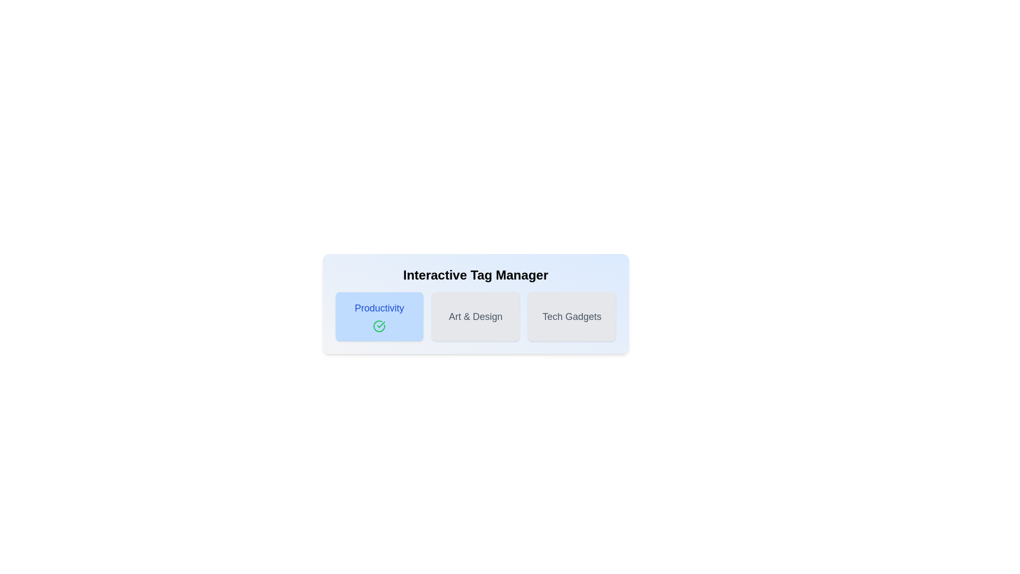 Image resolution: width=1020 pixels, height=574 pixels. Describe the element at coordinates (571, 316) in the screenshot. I see `the button labeled 'Tech Gadgets' to observe its hover effect` at that location.